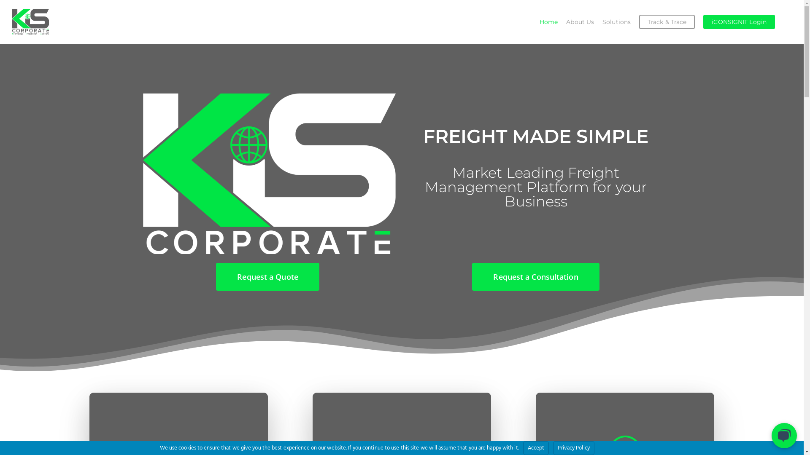 The width and height of the screenshot is (810, 455). What do you see at coordinates (703, 21) in the screenshot?
I see `'iCONSIGNIT Login'` at bounding box center [703, 21].